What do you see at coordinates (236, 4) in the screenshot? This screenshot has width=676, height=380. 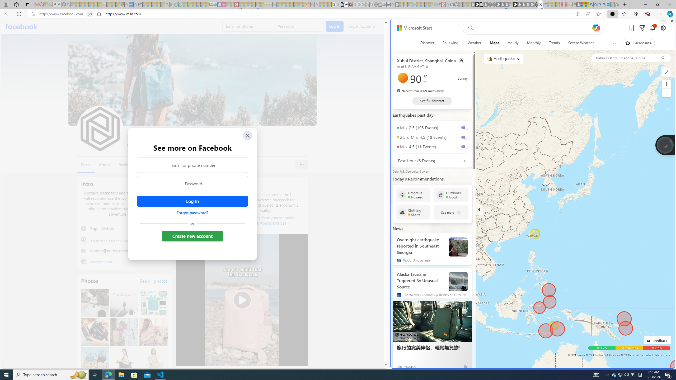 I see `'Latest Politics News & Archive | Newsweek.com - Sleeping'` at bounding box center [236, 4].